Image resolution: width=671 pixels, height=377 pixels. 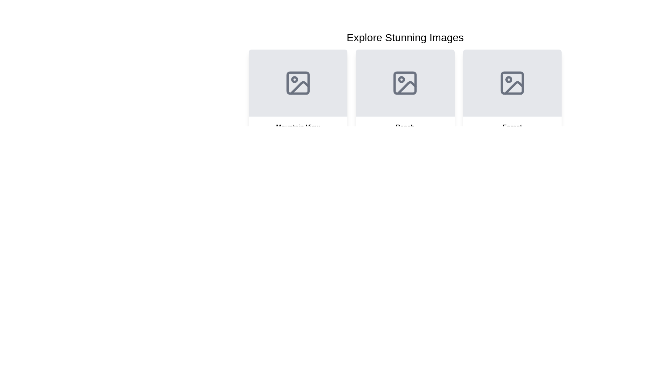 What do you see at coordinates (512, 83) in the screenshot?
I see `the image placeholder for 'Forest' located on the rightmost side of the three-column layout under the section titled 'Explore Stunning Images'` at bounding box center [512, 83].